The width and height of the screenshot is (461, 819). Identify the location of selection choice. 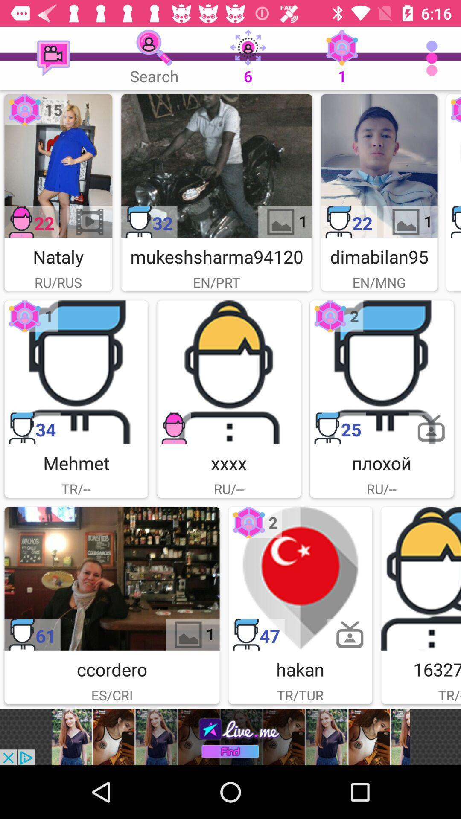
(216, 166).